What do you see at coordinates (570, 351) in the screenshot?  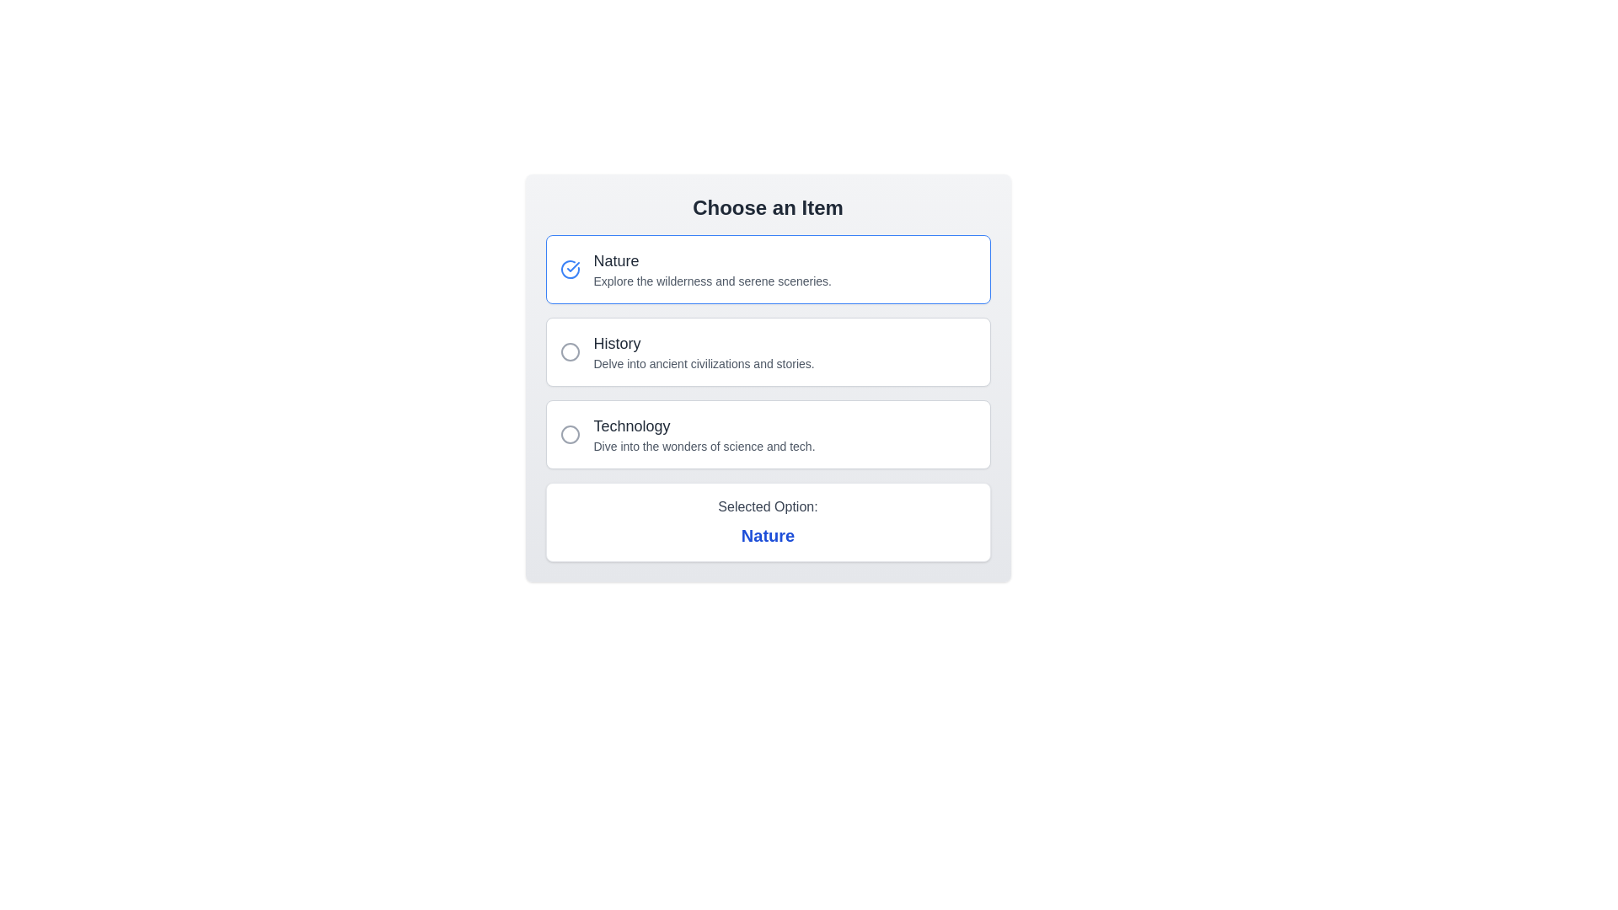 I see `the interactive 'History' icon located between 'Nature' and 'Technology' in the selectable list` at bounding box center [570, 351].